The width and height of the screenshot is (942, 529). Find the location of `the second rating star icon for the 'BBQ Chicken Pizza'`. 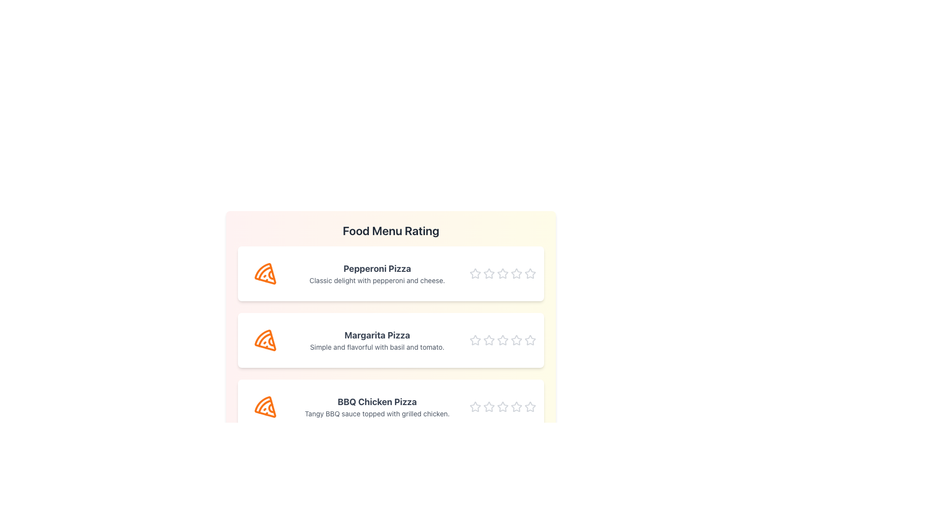

the second rating star icon for the 'BBQ Chicken Pizza' is located at coordinates (503, 407).